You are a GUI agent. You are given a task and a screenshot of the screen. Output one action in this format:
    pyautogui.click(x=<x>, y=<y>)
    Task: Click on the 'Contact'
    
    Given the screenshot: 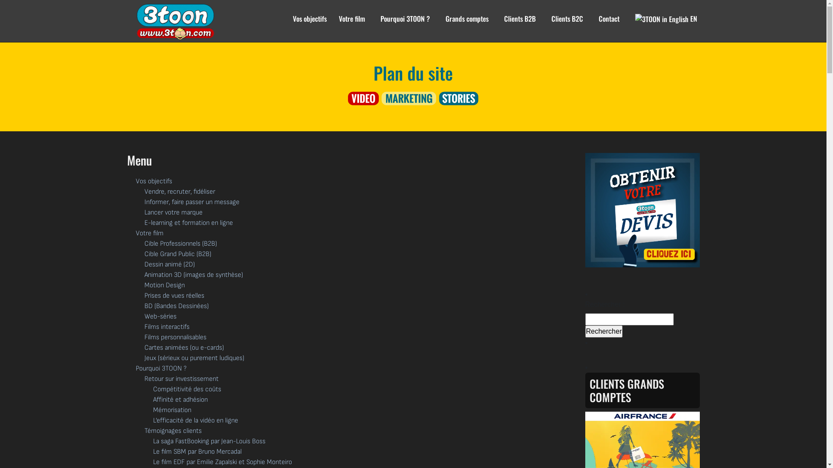 What is the action you would take?
    pyautogui.click(x=608, y=23)
    